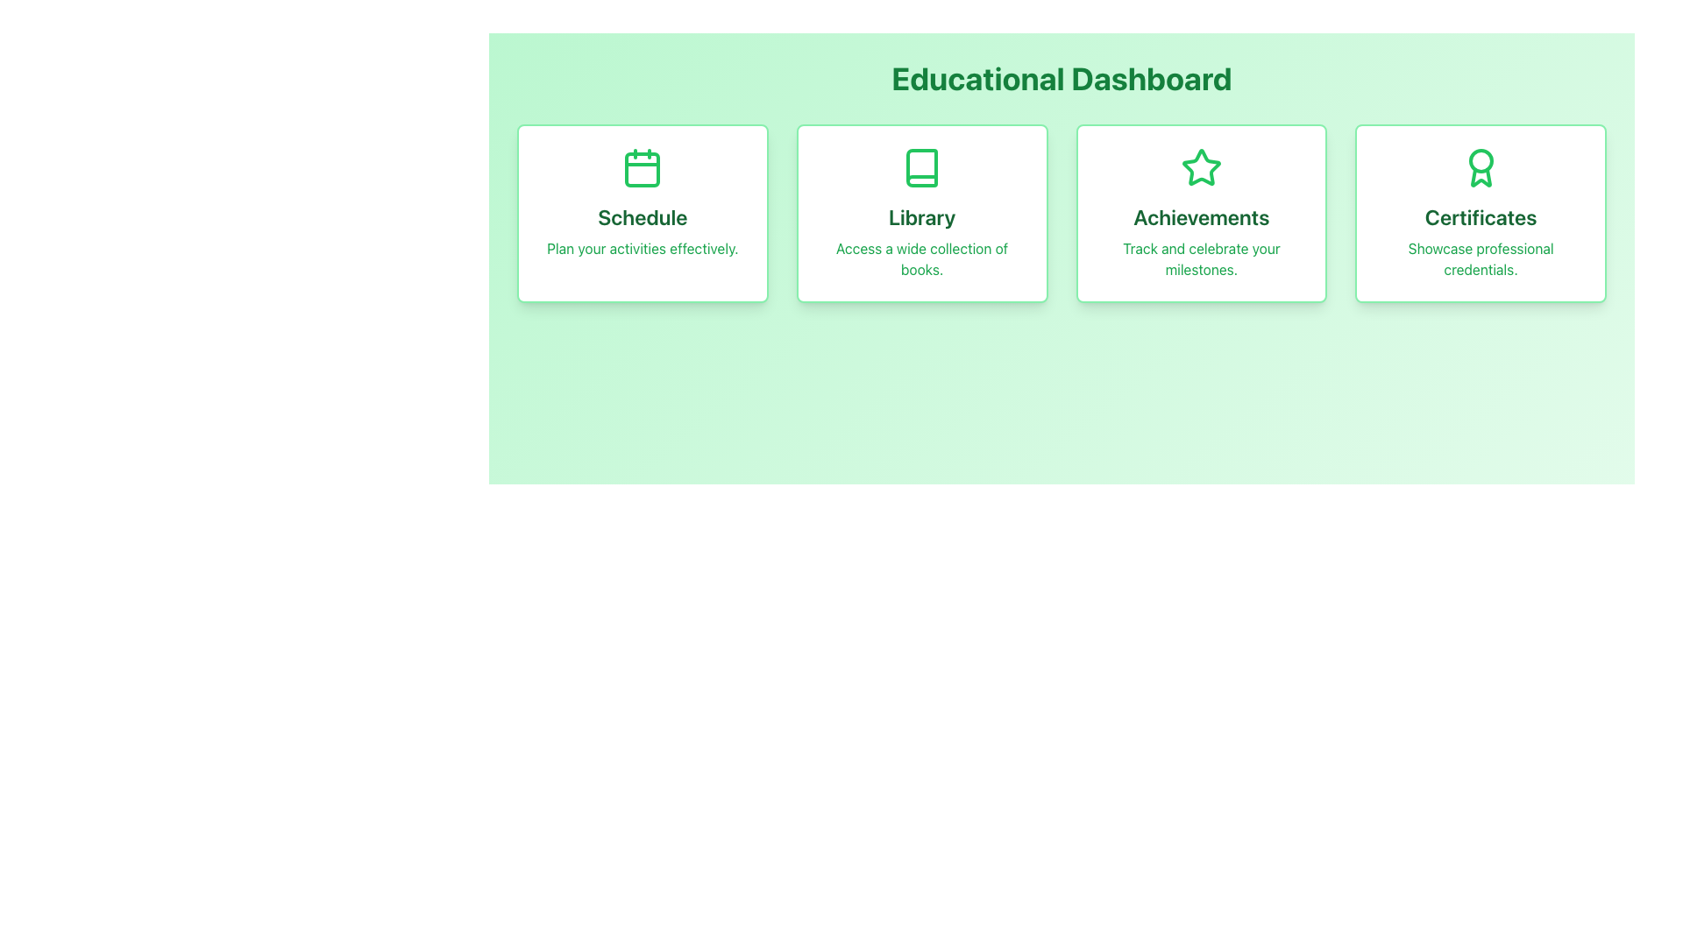 The image size is (1683, 946). What do you see at coordinates (1480, 168) in the screenshot?
I see `the certificate icon located at the top of the 'Certificates' card, which represents professional credentials` at bounding box center [1480, 168].